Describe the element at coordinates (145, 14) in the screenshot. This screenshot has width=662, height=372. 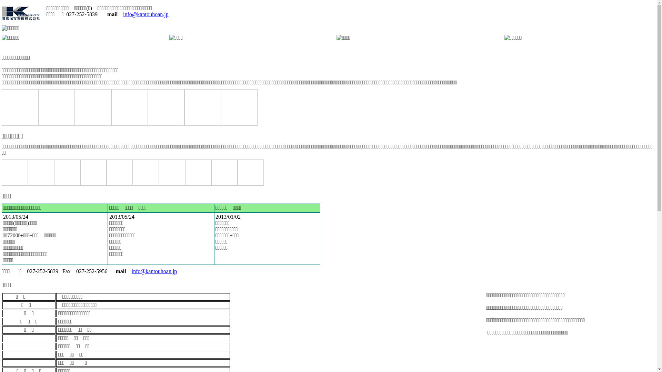
I see `'info@kantouhoan.jp'` at that location.